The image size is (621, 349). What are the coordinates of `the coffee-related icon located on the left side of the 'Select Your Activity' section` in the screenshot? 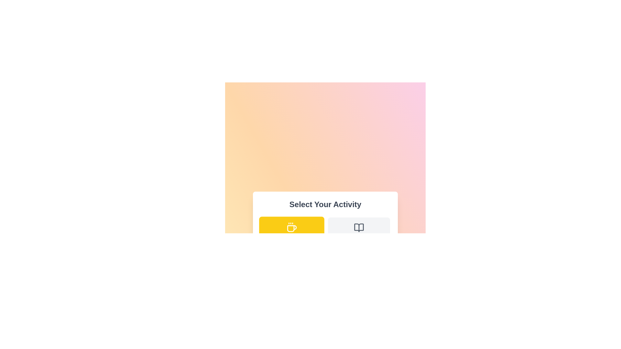 It's located at (291, 227).